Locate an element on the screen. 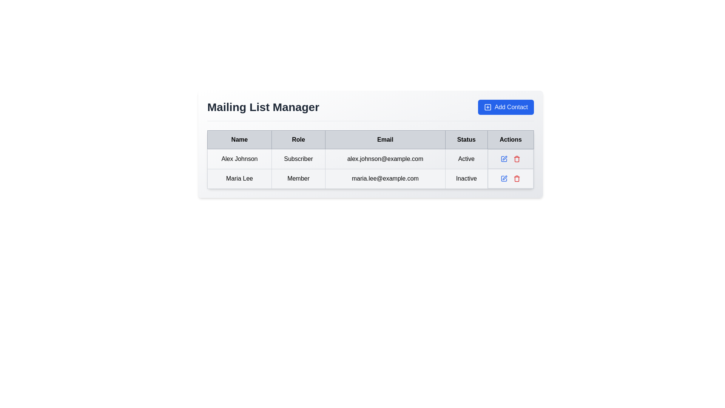 Image resolution: width=725 pixels, height=408 pixels. the email address display 'maria.lee@example.com' located in the second row of the mailing list management interface under the 'Email' column is located at coordinates (385, 179).